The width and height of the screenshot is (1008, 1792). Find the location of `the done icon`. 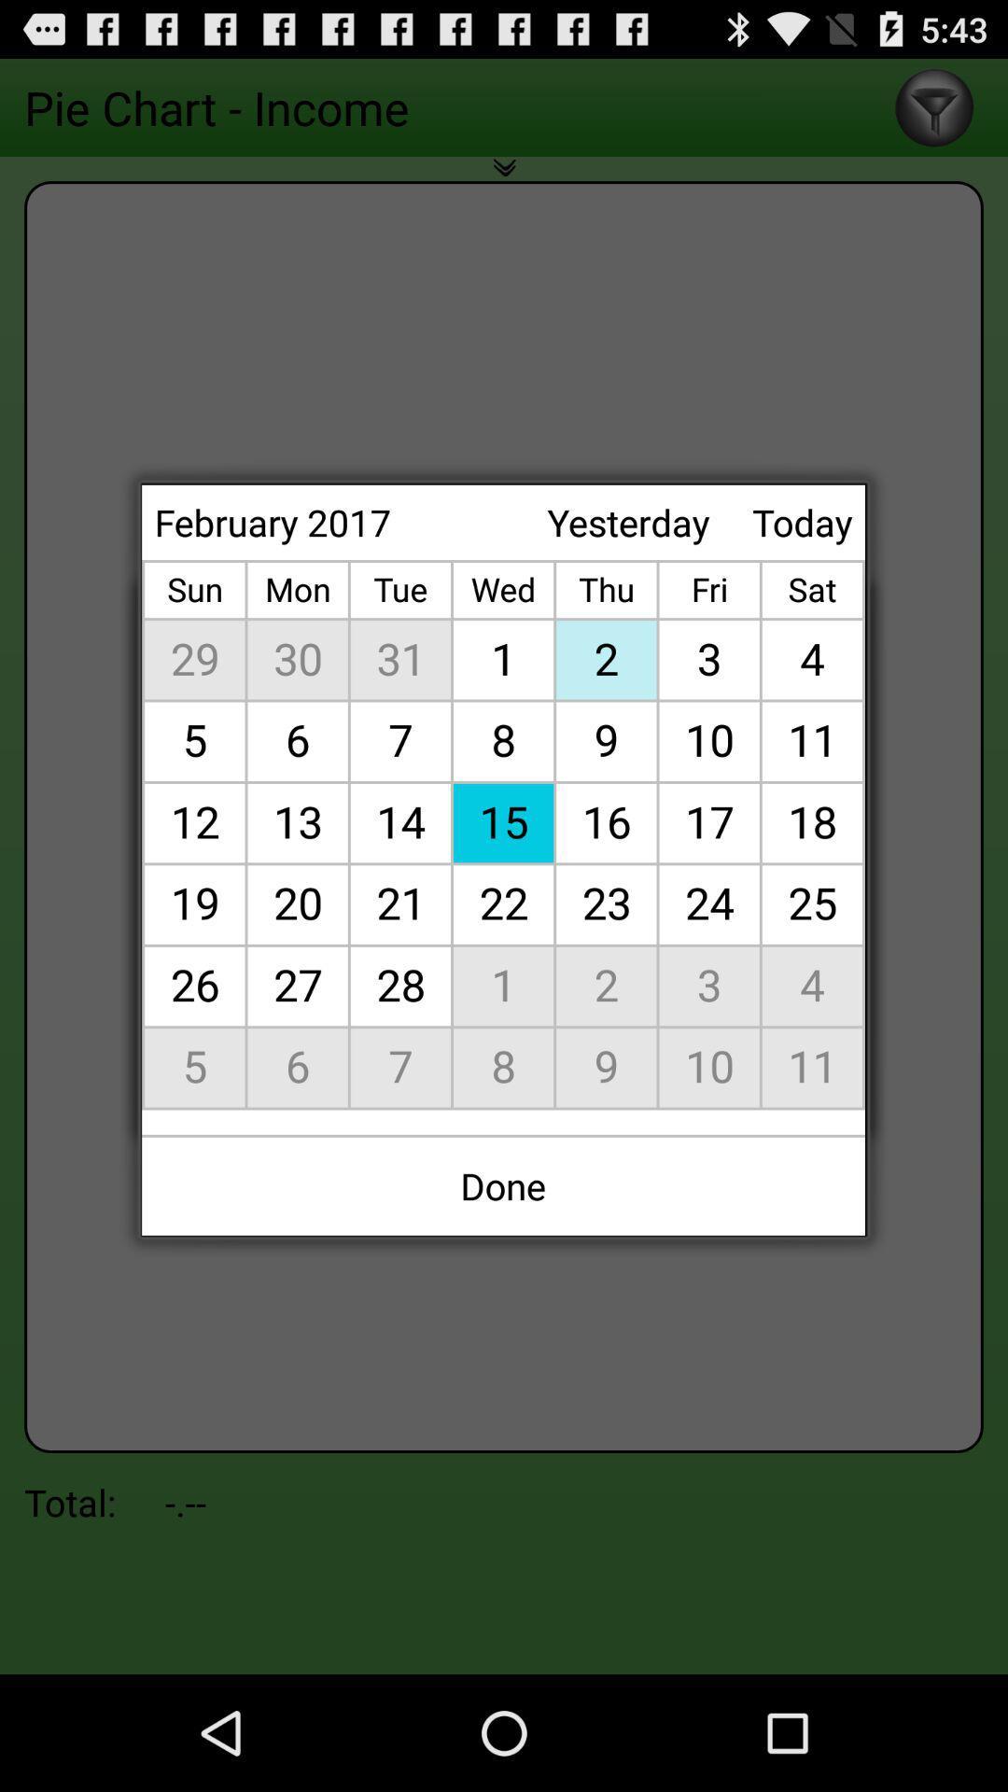

the done icon is located at coordinates (502, 1185).